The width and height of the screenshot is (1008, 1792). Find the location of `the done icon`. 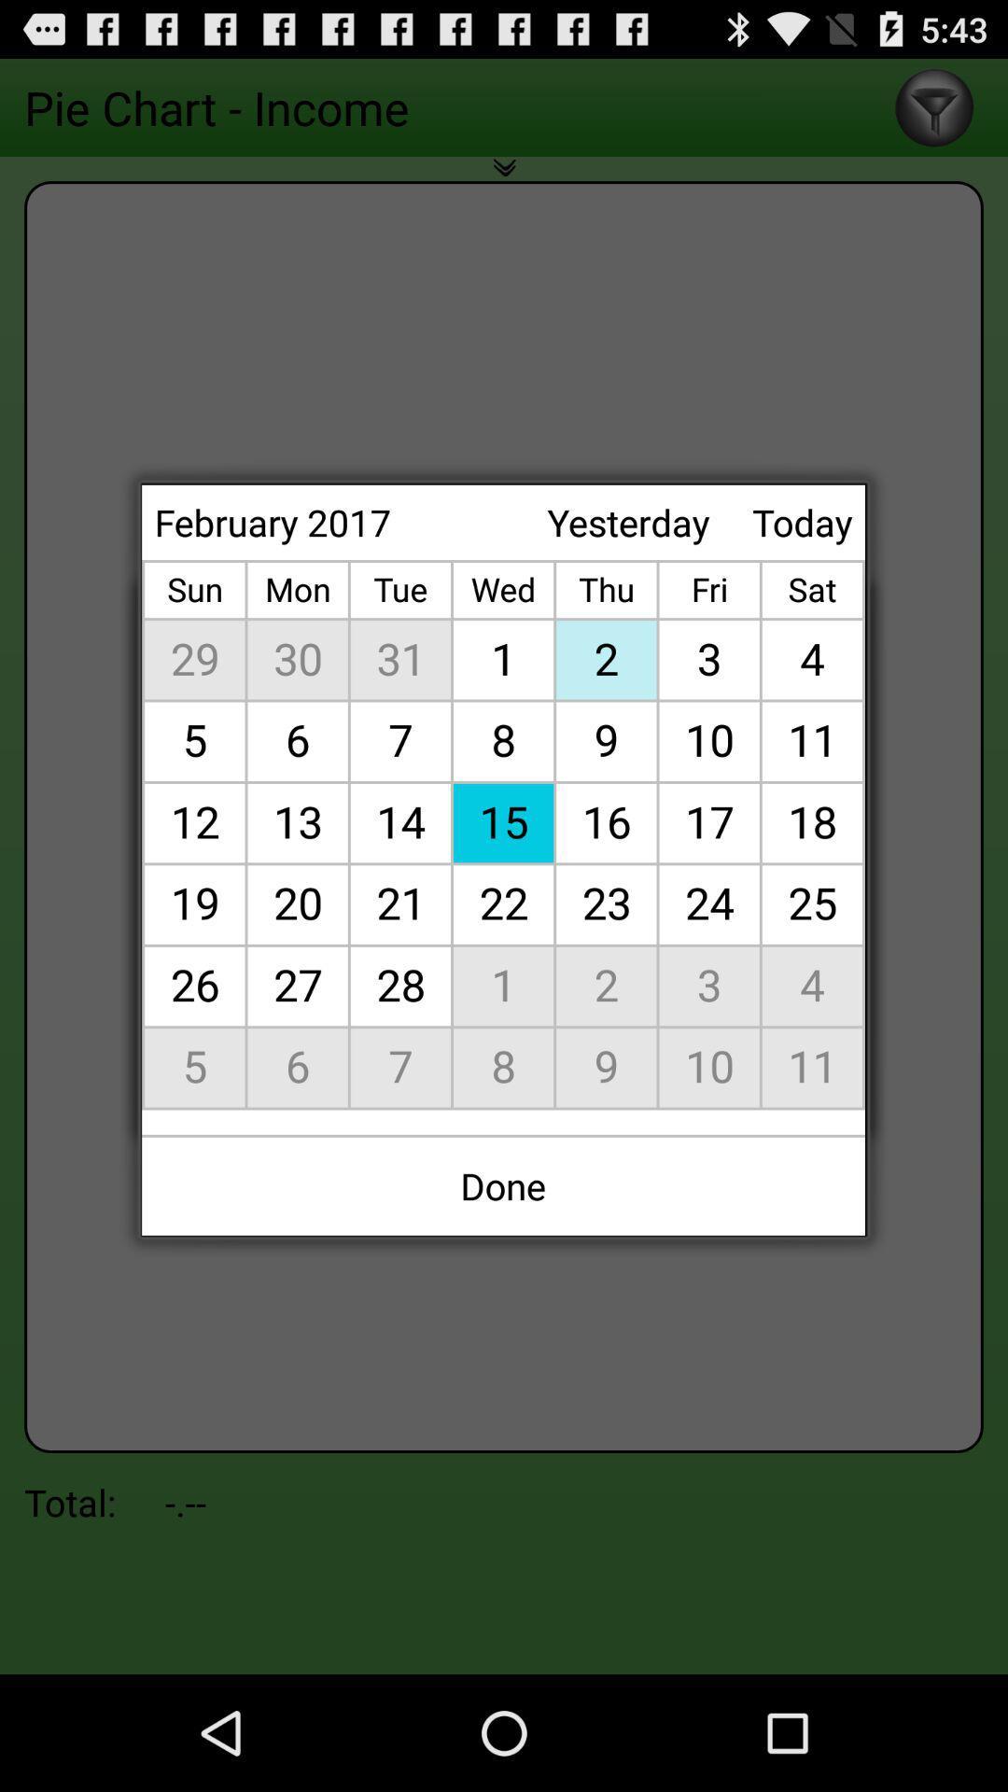

the done icon is located at coordinates (502, 1185).